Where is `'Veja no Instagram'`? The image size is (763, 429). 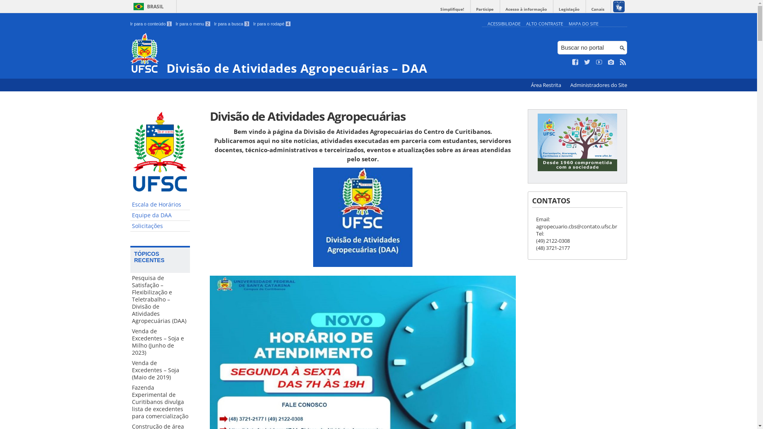 'Veja no Instagram' is located at coordinates (610, 62).